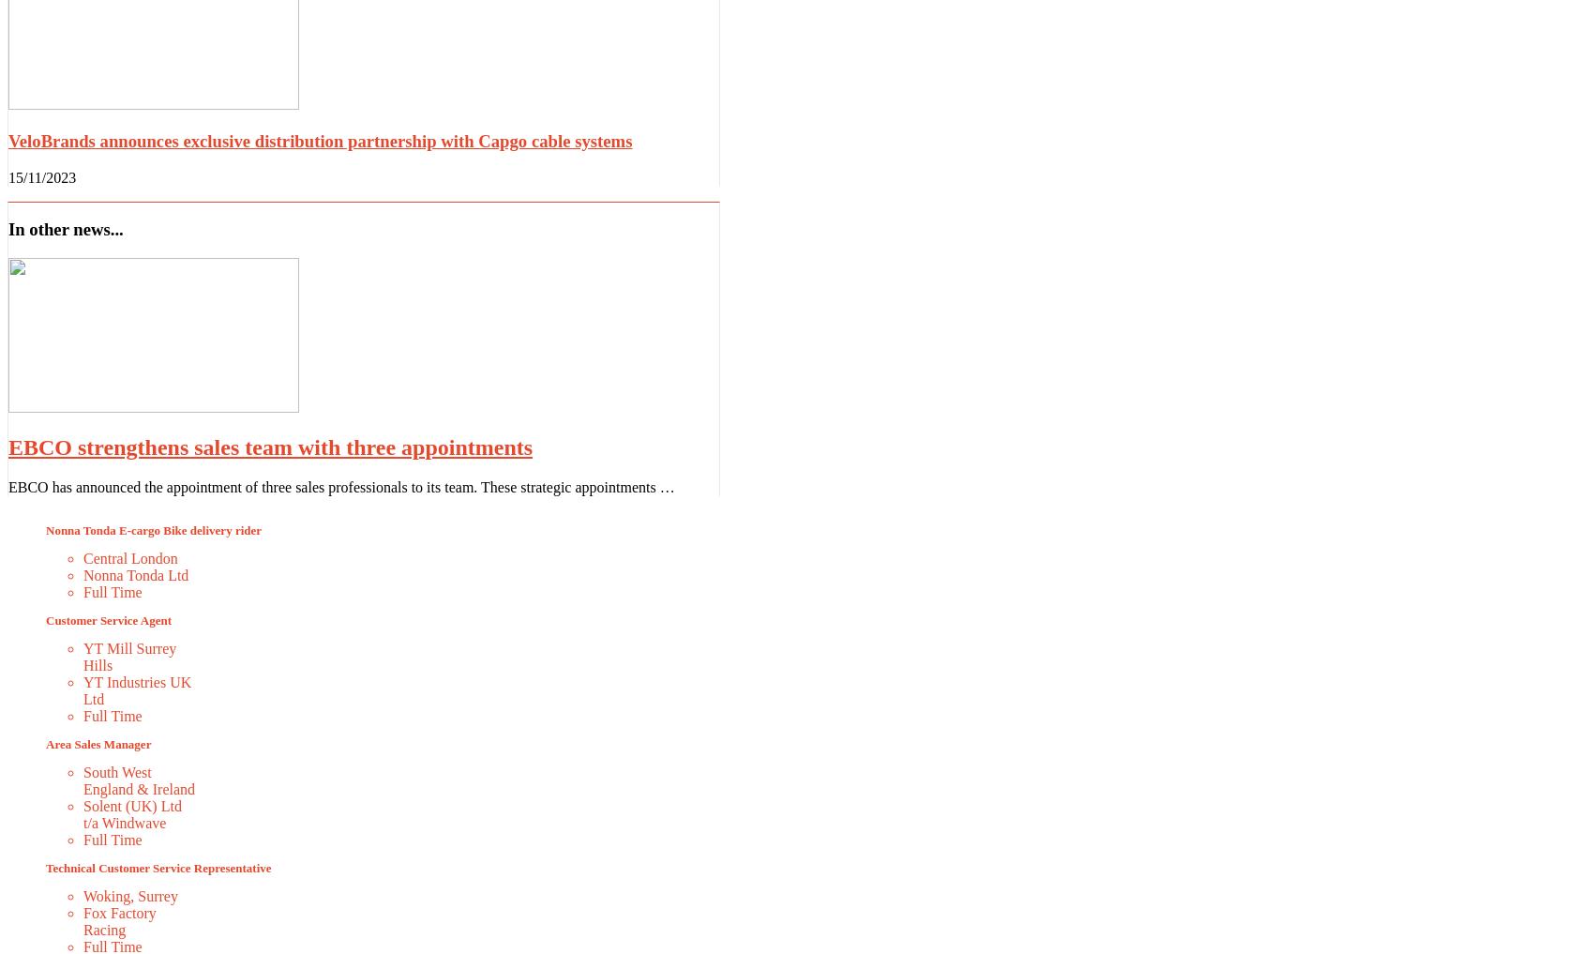 This screenshot has height=954, width=1594. Describe the element at coordinates (128, 655) in the screenshot. I see `'YT Mill Surrey Hills'` at that location.